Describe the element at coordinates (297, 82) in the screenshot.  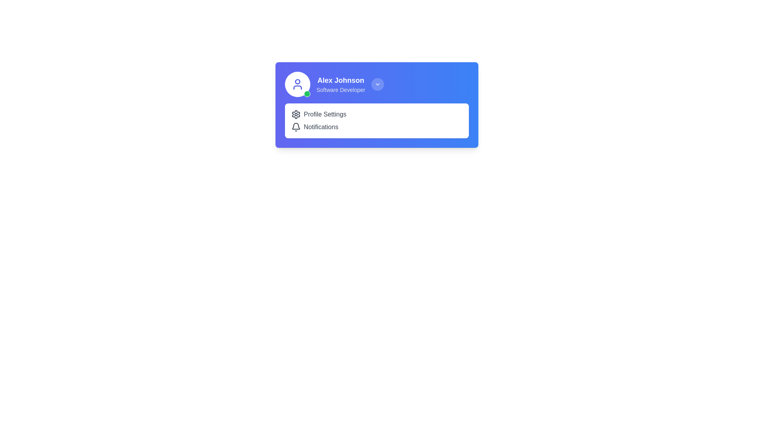
I see `the Circle SVG element that represents the head in the user profile avatar icon` at that location.